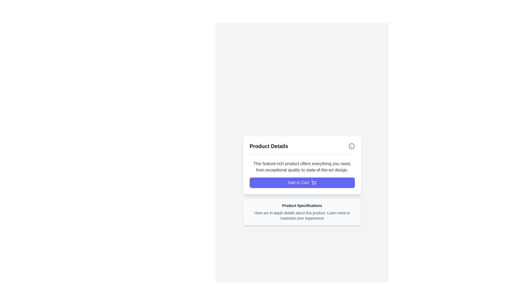  Describe the element at coordinates (352, 146) in the screenshot. I see `the circular shape defined by a stroked outline without a fill color in the SVG graphic located at the top right corner of the 'Product Details' section` at that location.